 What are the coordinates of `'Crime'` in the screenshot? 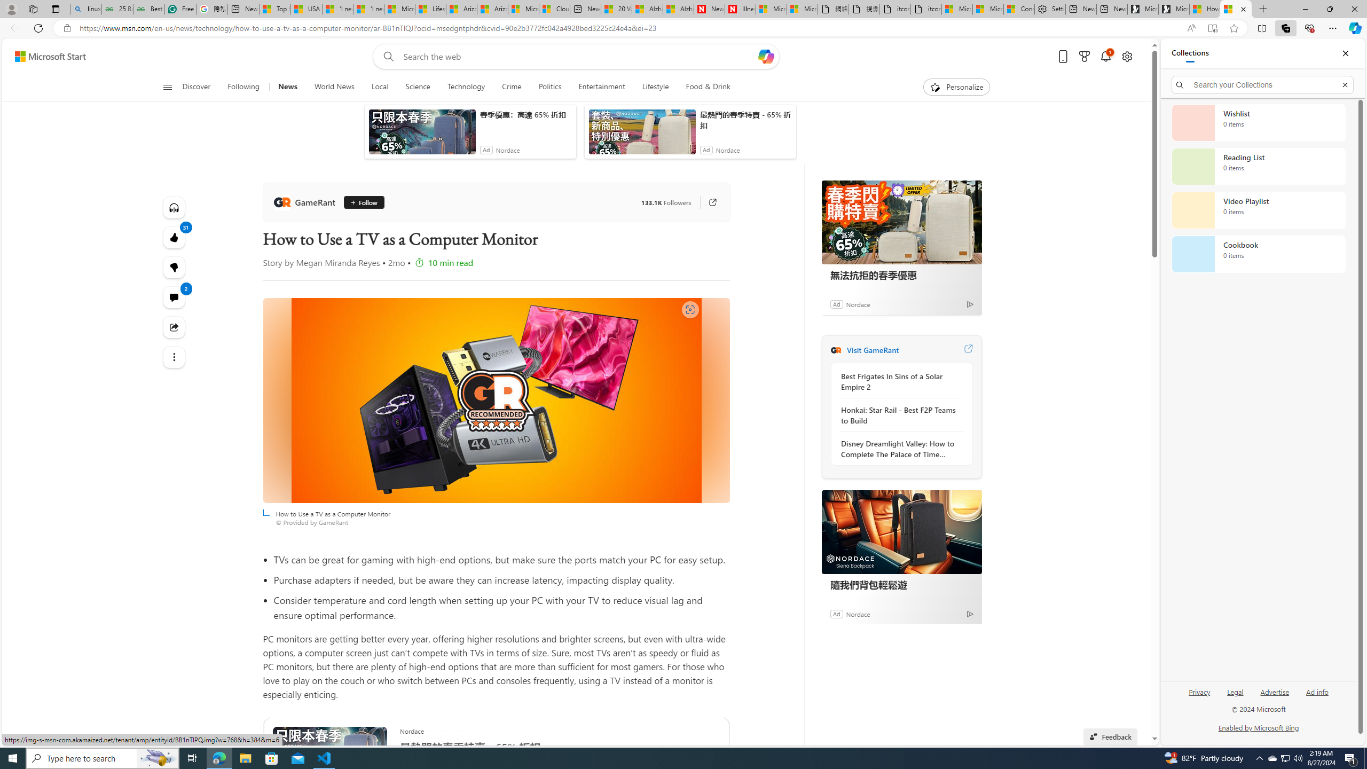 It's located at (511, 87).